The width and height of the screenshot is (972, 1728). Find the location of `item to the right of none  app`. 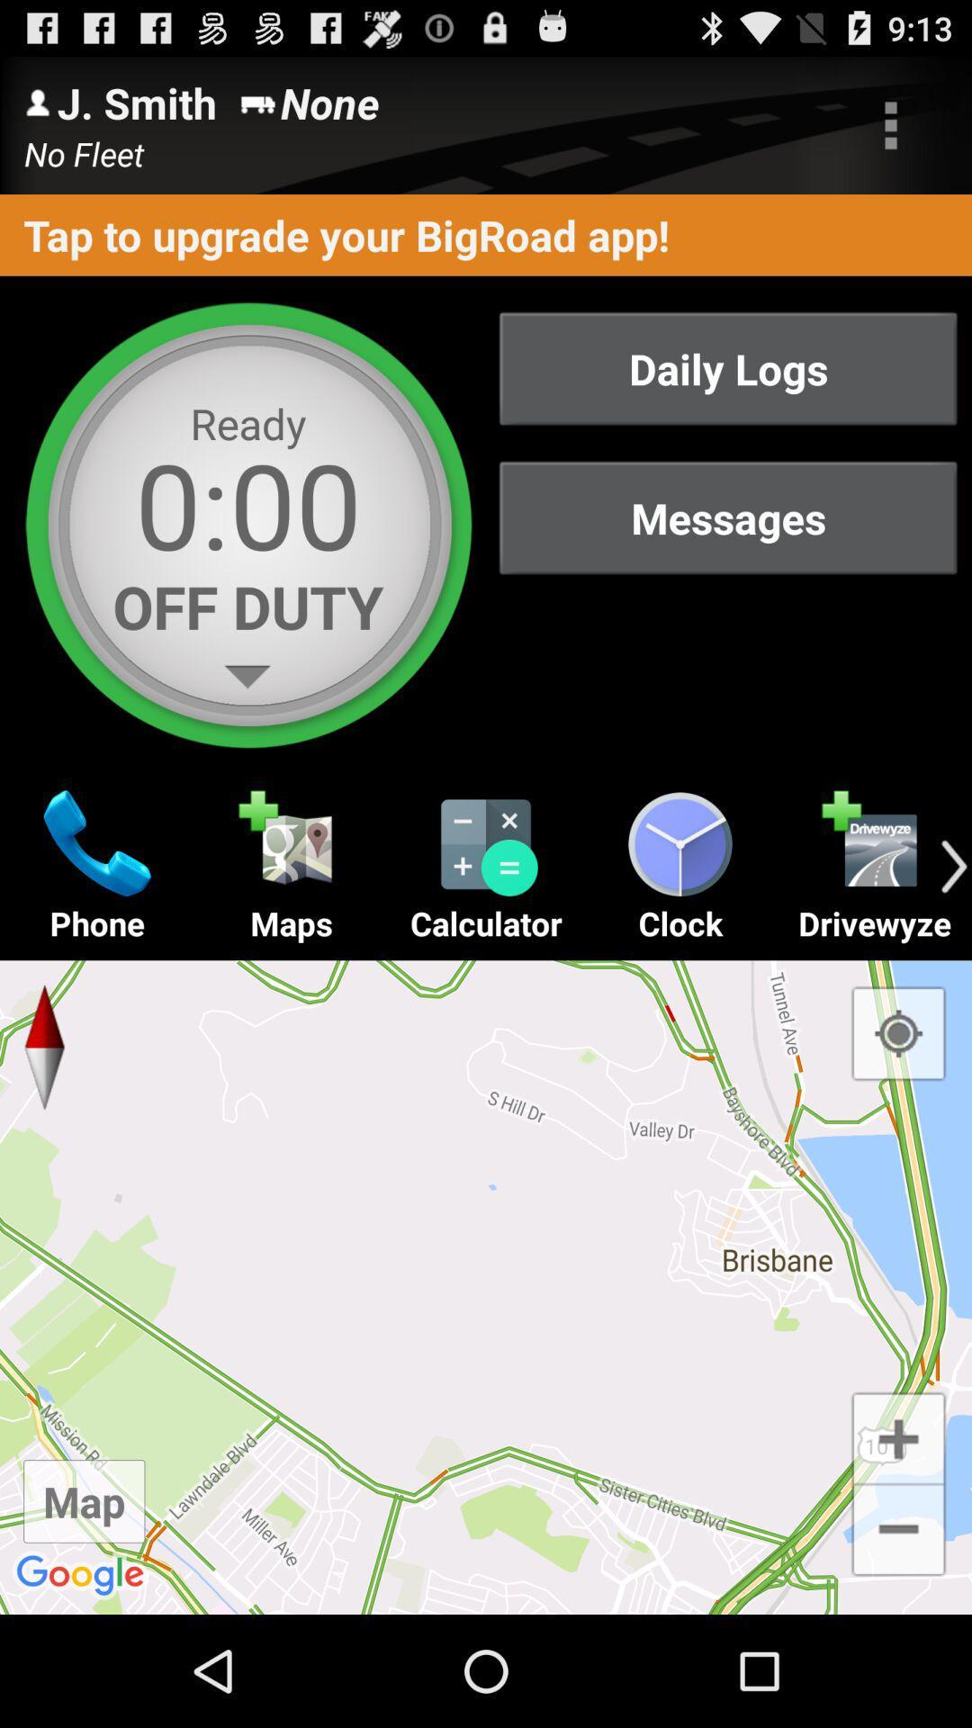

item to the right of none  app is located at coordinates (891, 124).